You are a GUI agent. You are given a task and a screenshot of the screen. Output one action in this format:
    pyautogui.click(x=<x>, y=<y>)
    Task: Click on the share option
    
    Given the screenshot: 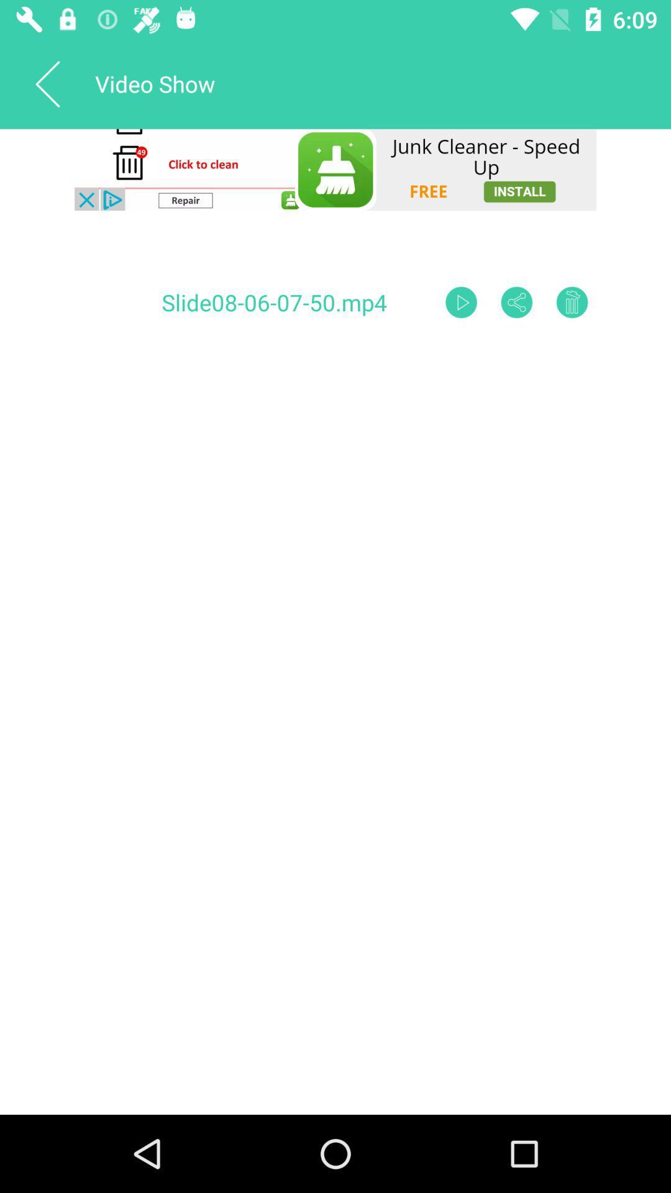 What is the action you would take?
    pyautogui.click(x=516, y=302)
    